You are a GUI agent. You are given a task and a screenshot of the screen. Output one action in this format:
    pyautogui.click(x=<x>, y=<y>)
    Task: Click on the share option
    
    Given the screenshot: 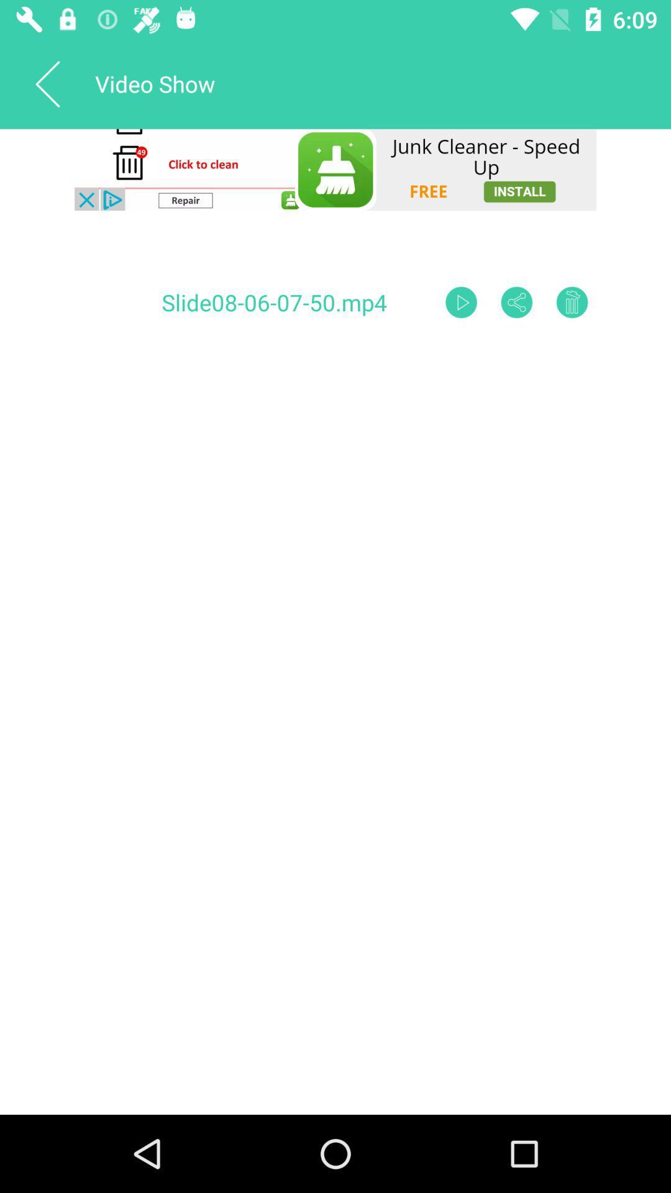 What is the action you would take?
    pyautogui.click(x=516, y=302)
    